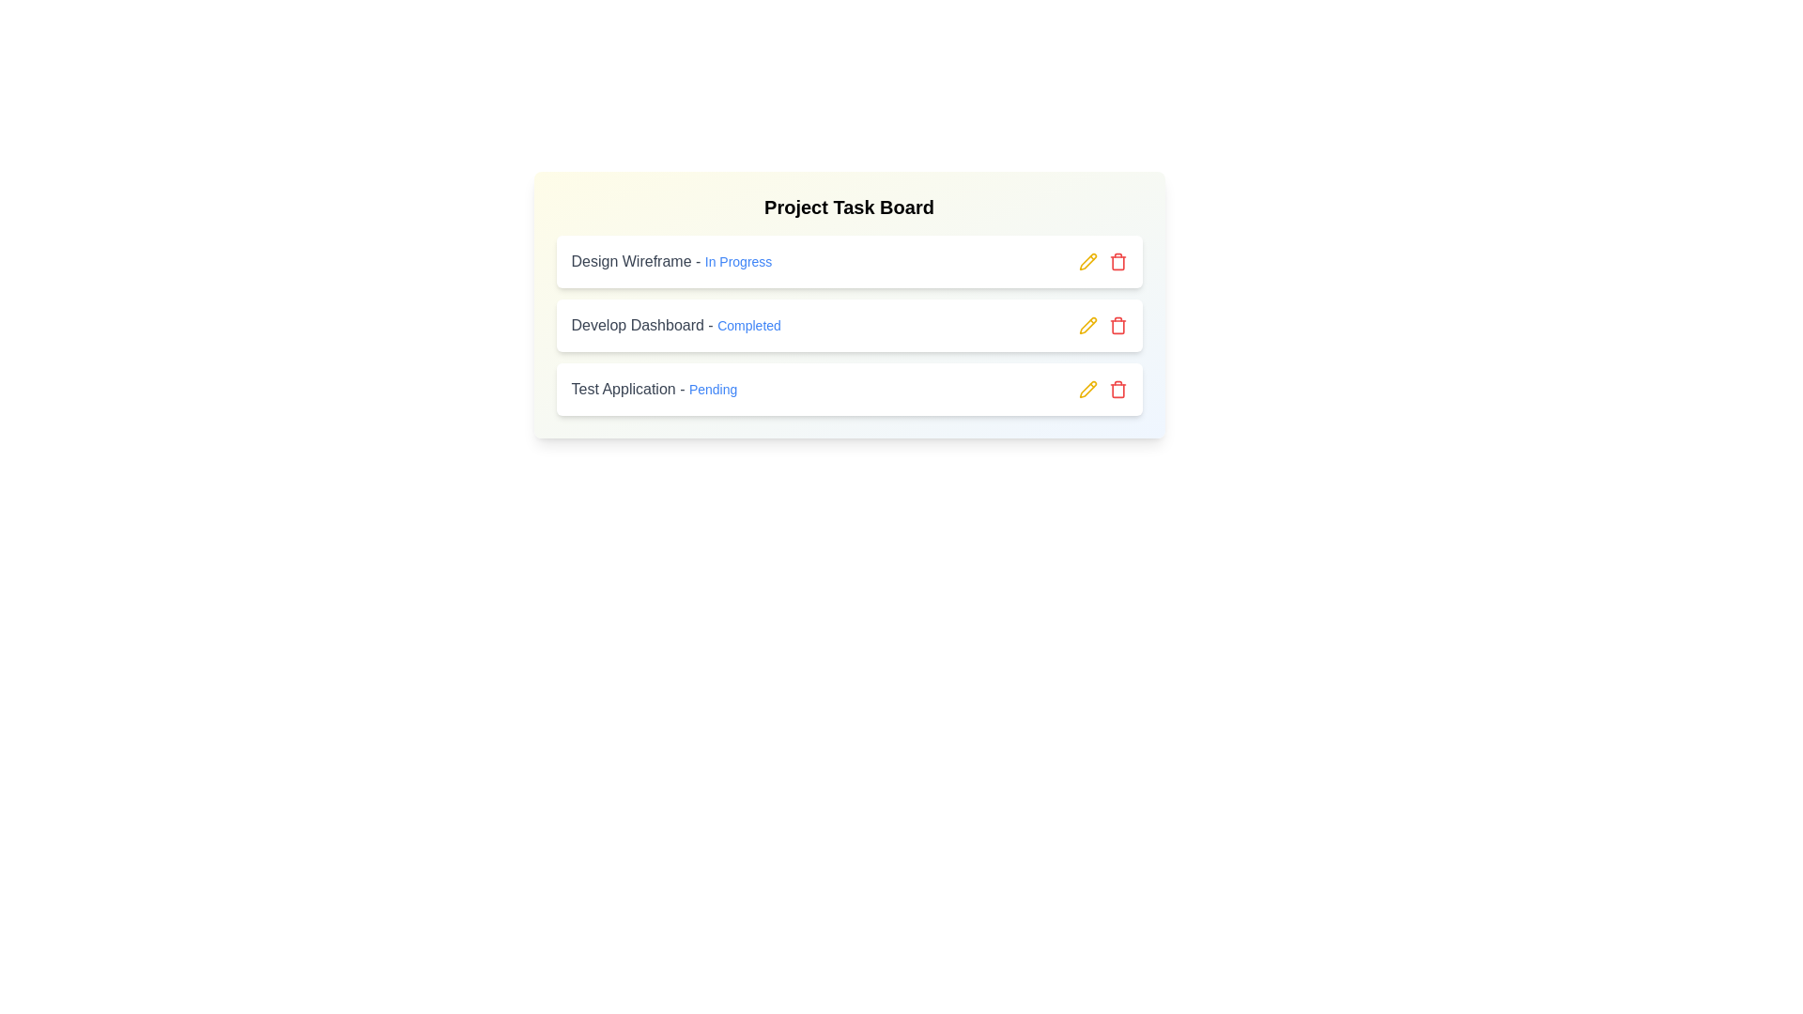 This screenshot has width=1803, height=1014. I want to click on the status label of the task Design Wireframe to highlight it, so click(737, 261).